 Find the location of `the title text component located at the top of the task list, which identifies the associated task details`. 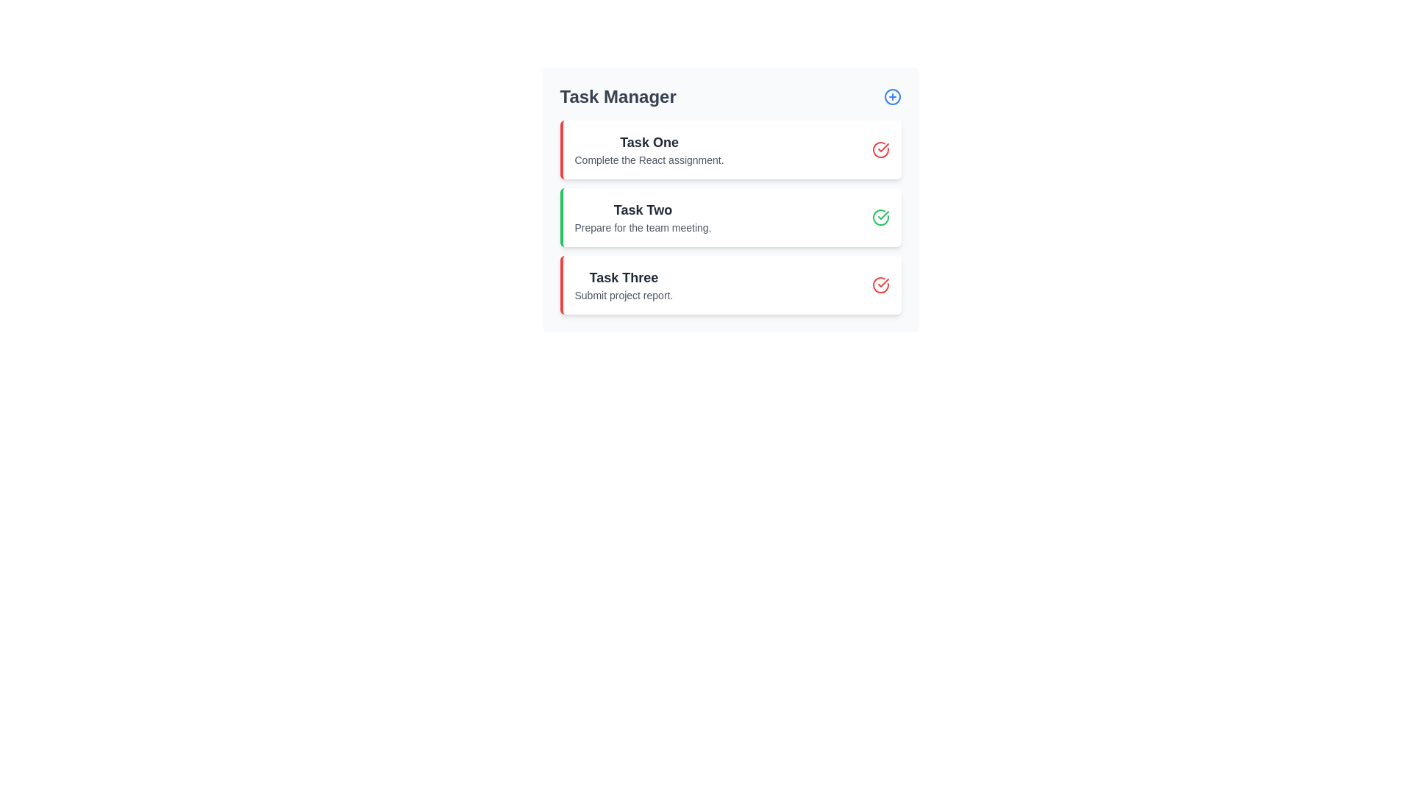

the title text component located at the top of the task list, which identifies the associated task details is located at coordinates (649, 142).